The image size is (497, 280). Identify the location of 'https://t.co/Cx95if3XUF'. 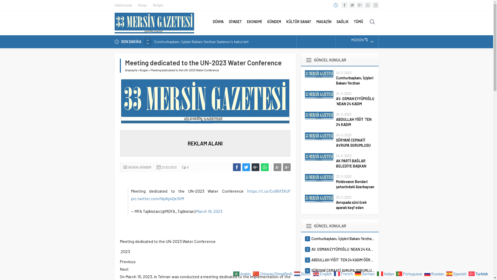
(268, 191).